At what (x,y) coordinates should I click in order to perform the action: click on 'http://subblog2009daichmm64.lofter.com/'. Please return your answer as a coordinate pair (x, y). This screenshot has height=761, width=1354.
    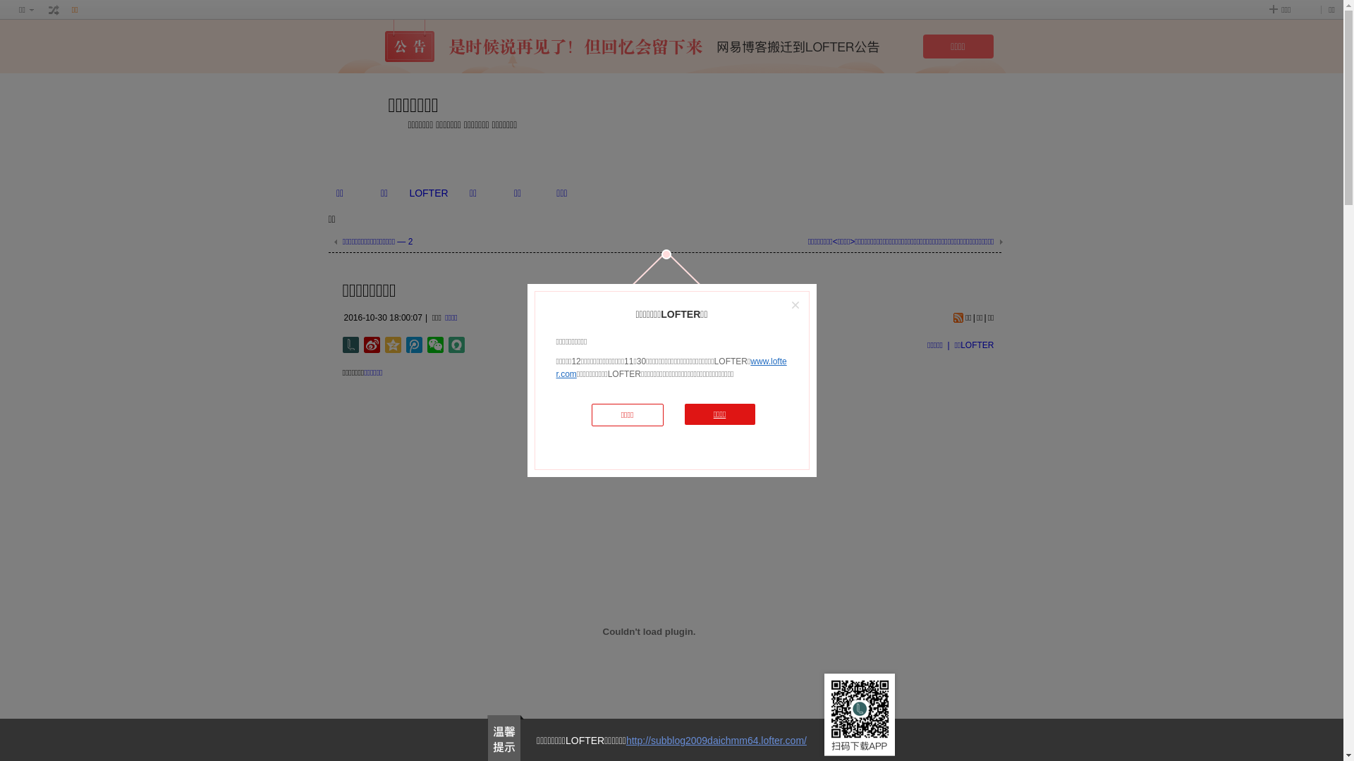
    Looking at the image, I should click on (716, 739).